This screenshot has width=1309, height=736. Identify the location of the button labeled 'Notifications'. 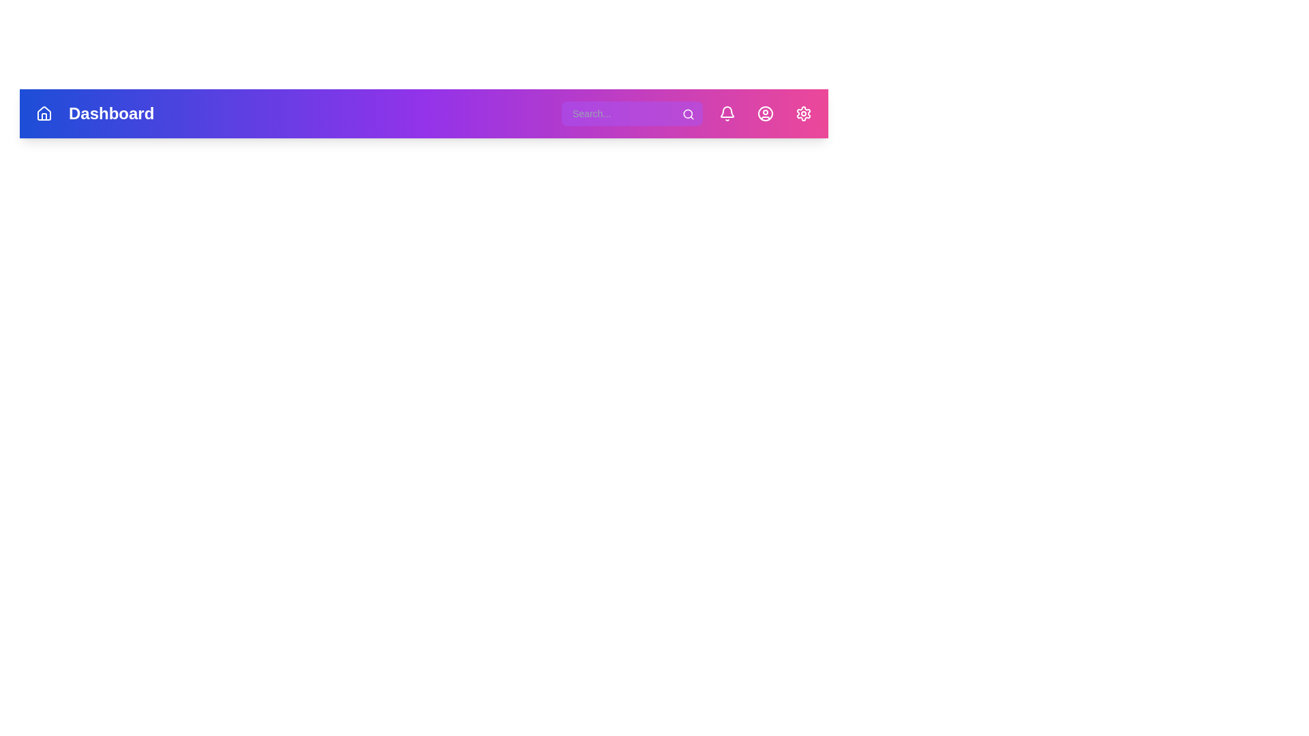
(726, 112).